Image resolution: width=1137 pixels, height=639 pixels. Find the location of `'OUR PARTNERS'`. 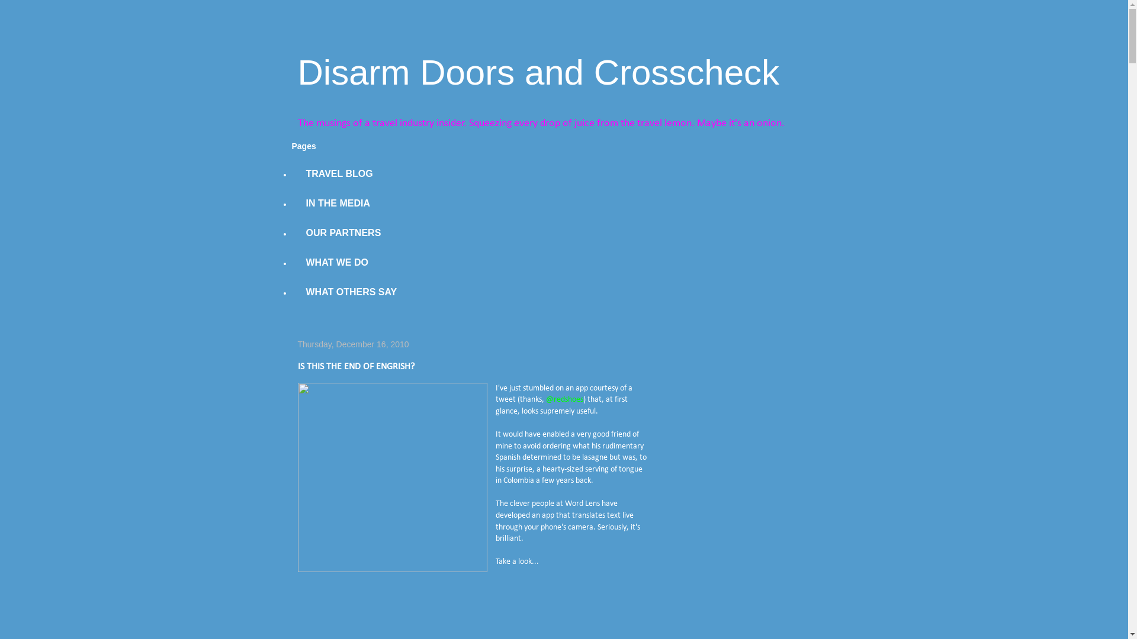

'OUR PARTNERS' is located at coordinates (342, 233).